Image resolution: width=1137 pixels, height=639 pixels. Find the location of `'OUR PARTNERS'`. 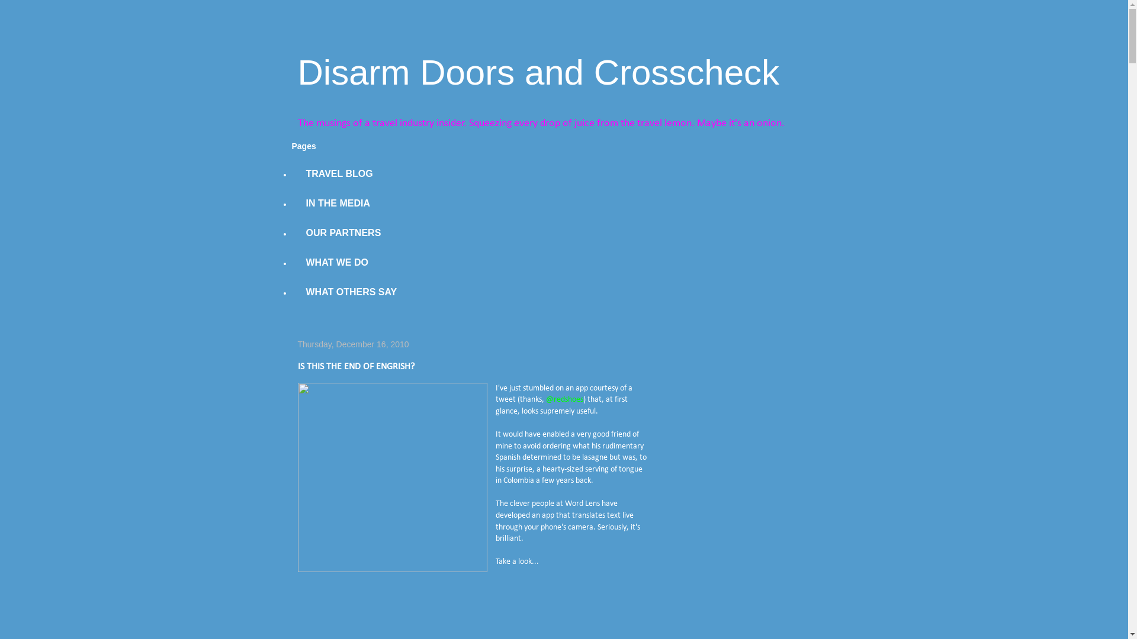

'OUR PARTNERS' is located at coordinates (342, 233).